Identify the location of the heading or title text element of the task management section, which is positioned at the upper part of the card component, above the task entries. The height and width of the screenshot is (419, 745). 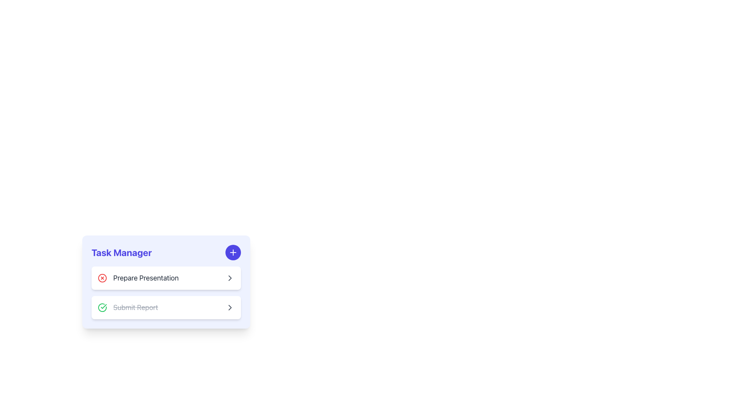
(121, 253).